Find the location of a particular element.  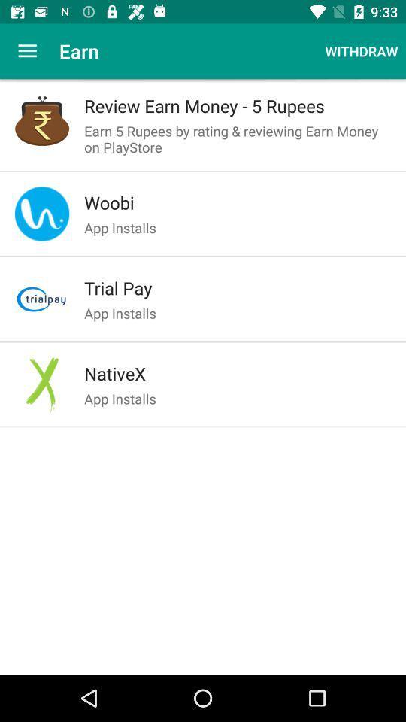

woobi icon is located at coordinates (238, 202).